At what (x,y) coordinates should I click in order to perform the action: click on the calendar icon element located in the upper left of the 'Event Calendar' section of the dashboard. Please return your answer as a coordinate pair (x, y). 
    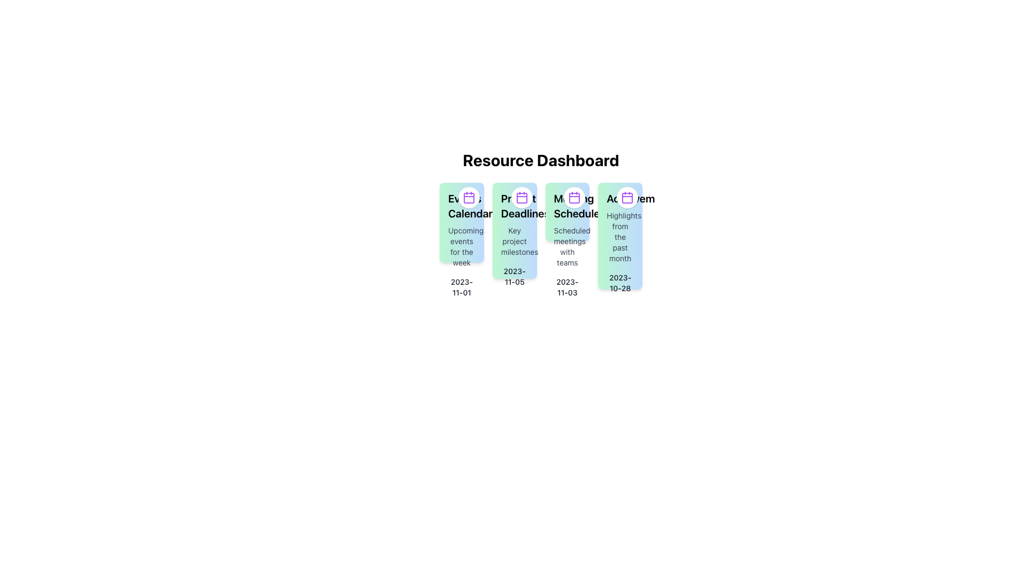
    Looking at the image, I should click on (469, 198).